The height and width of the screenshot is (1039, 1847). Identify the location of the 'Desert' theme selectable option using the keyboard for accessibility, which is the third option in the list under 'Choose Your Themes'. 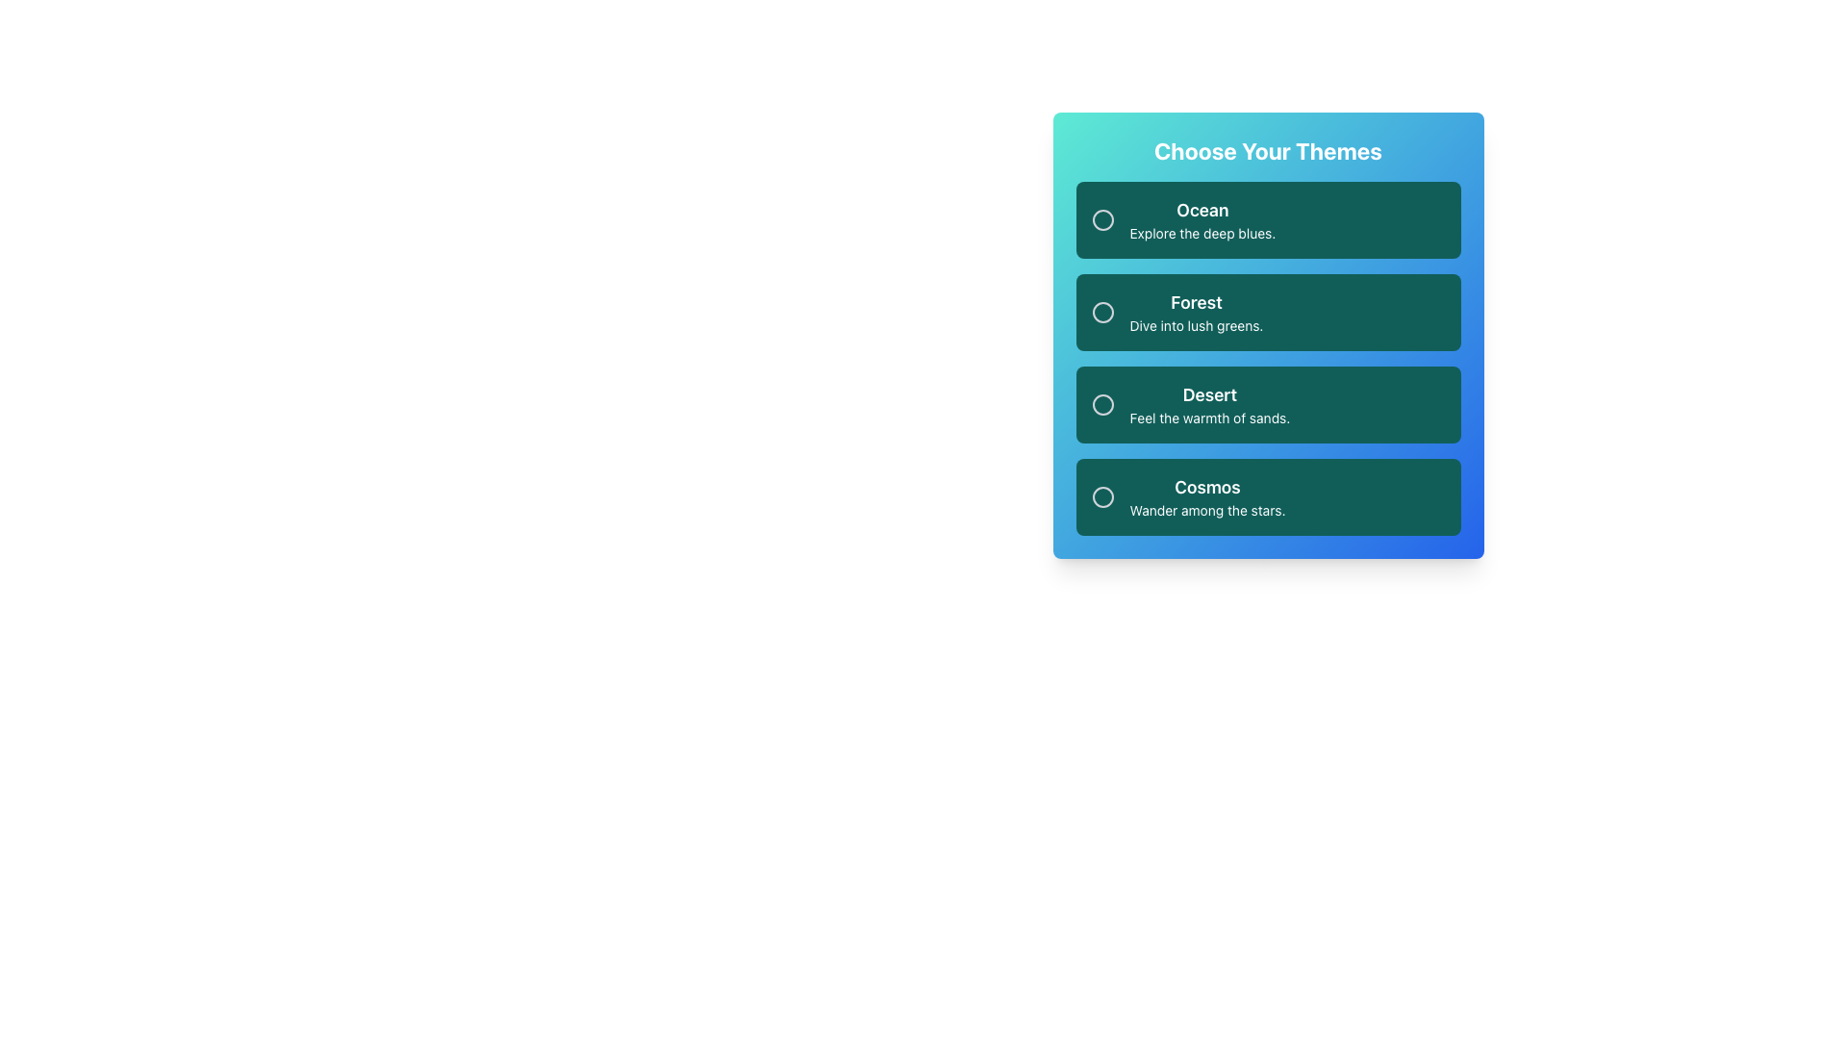
(1208, 403).